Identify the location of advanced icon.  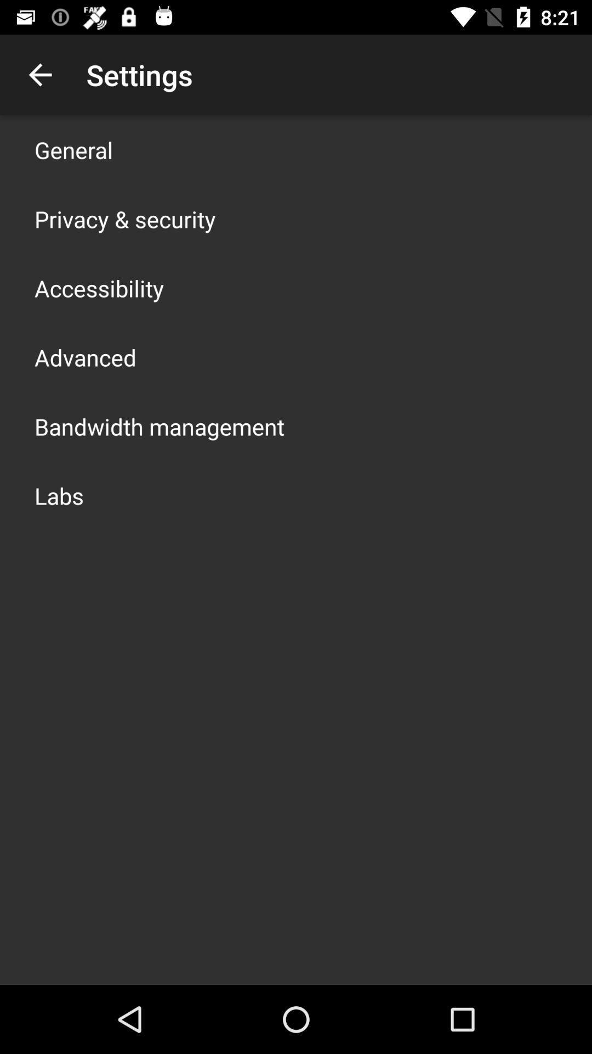
(84, 357).